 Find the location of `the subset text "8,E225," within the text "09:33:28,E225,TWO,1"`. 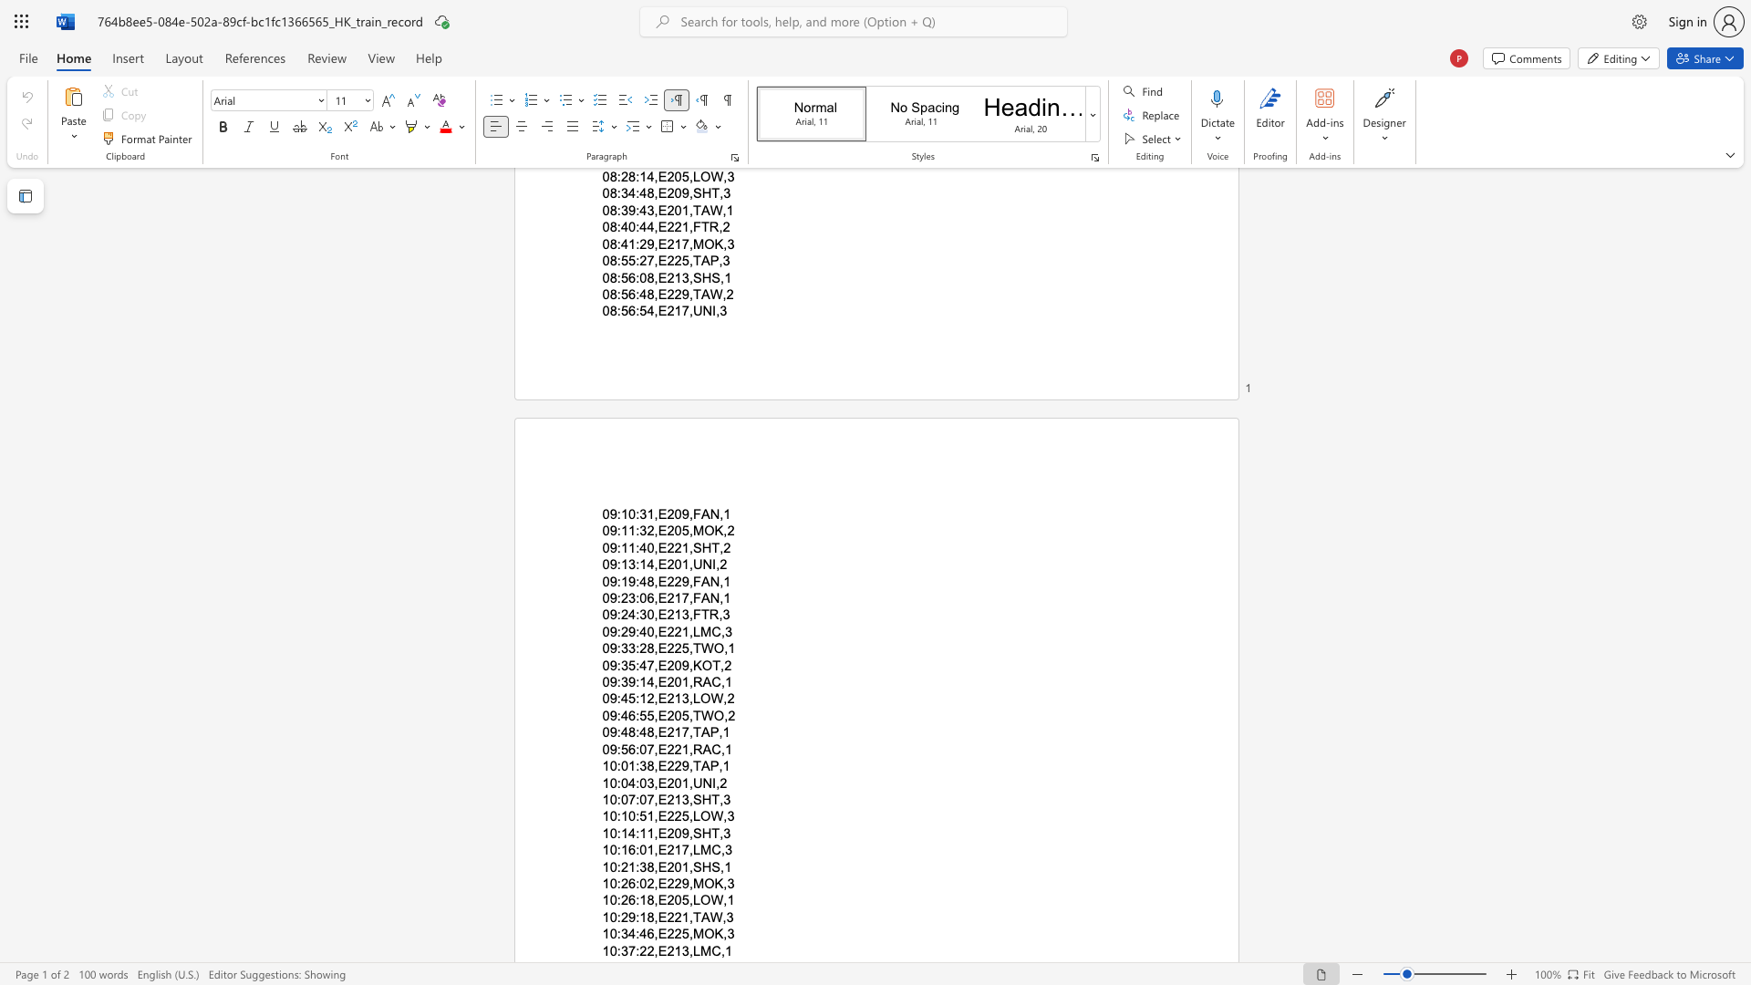

the subset text "8,E225," within the text "09:33:28,E225,TWO,1" is located at coordinates (647, 648).